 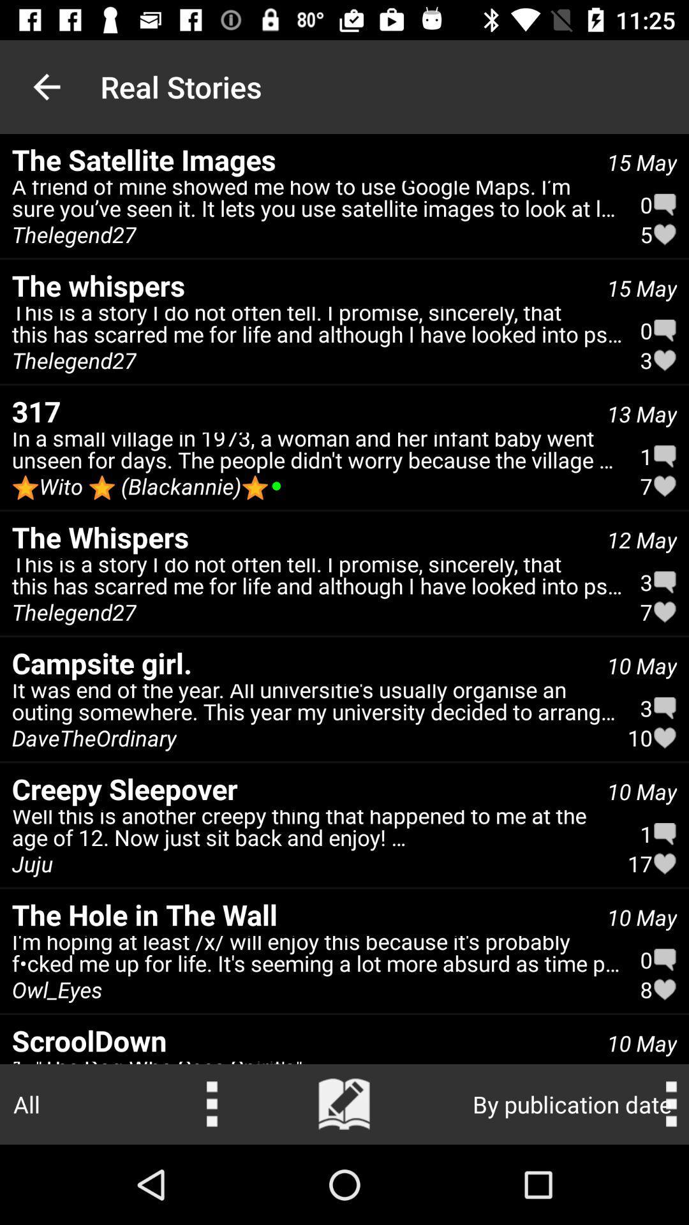 I want to click on search button, so click(x=344, y=1104).